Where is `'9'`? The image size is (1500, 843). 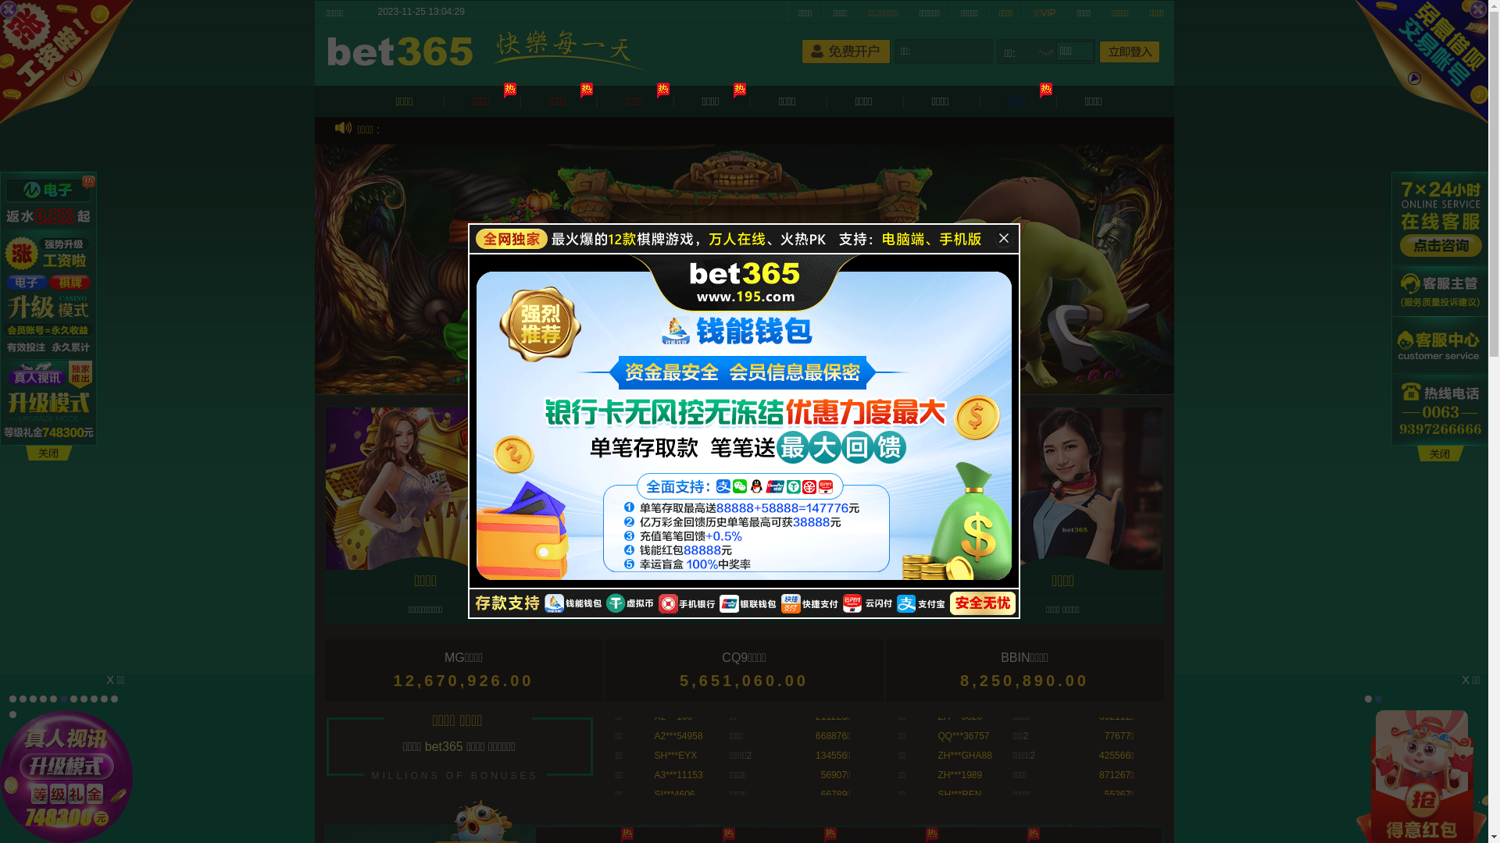 '9' is located at coordinates (93, 698).